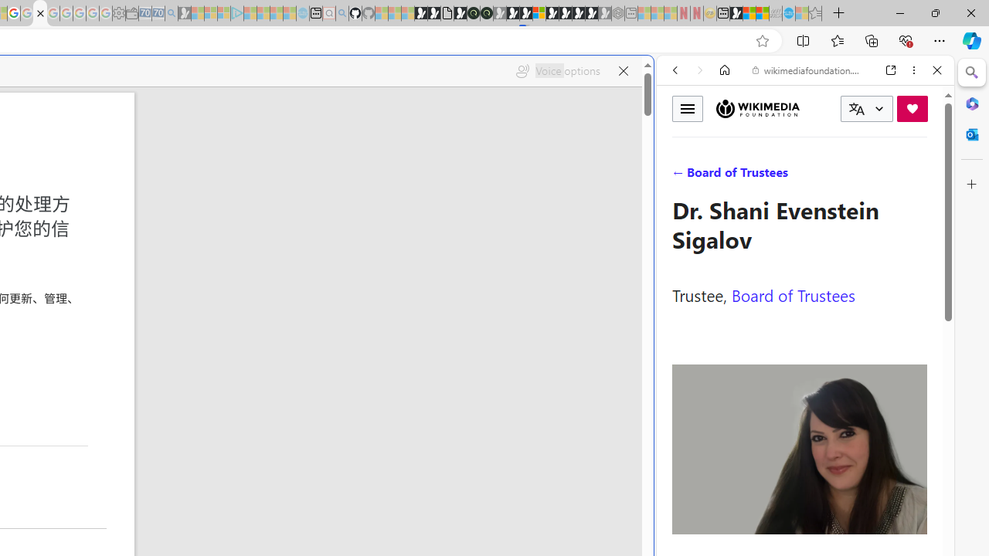  I want to click on 'github - Search - Sleeping', so click(341, 13).